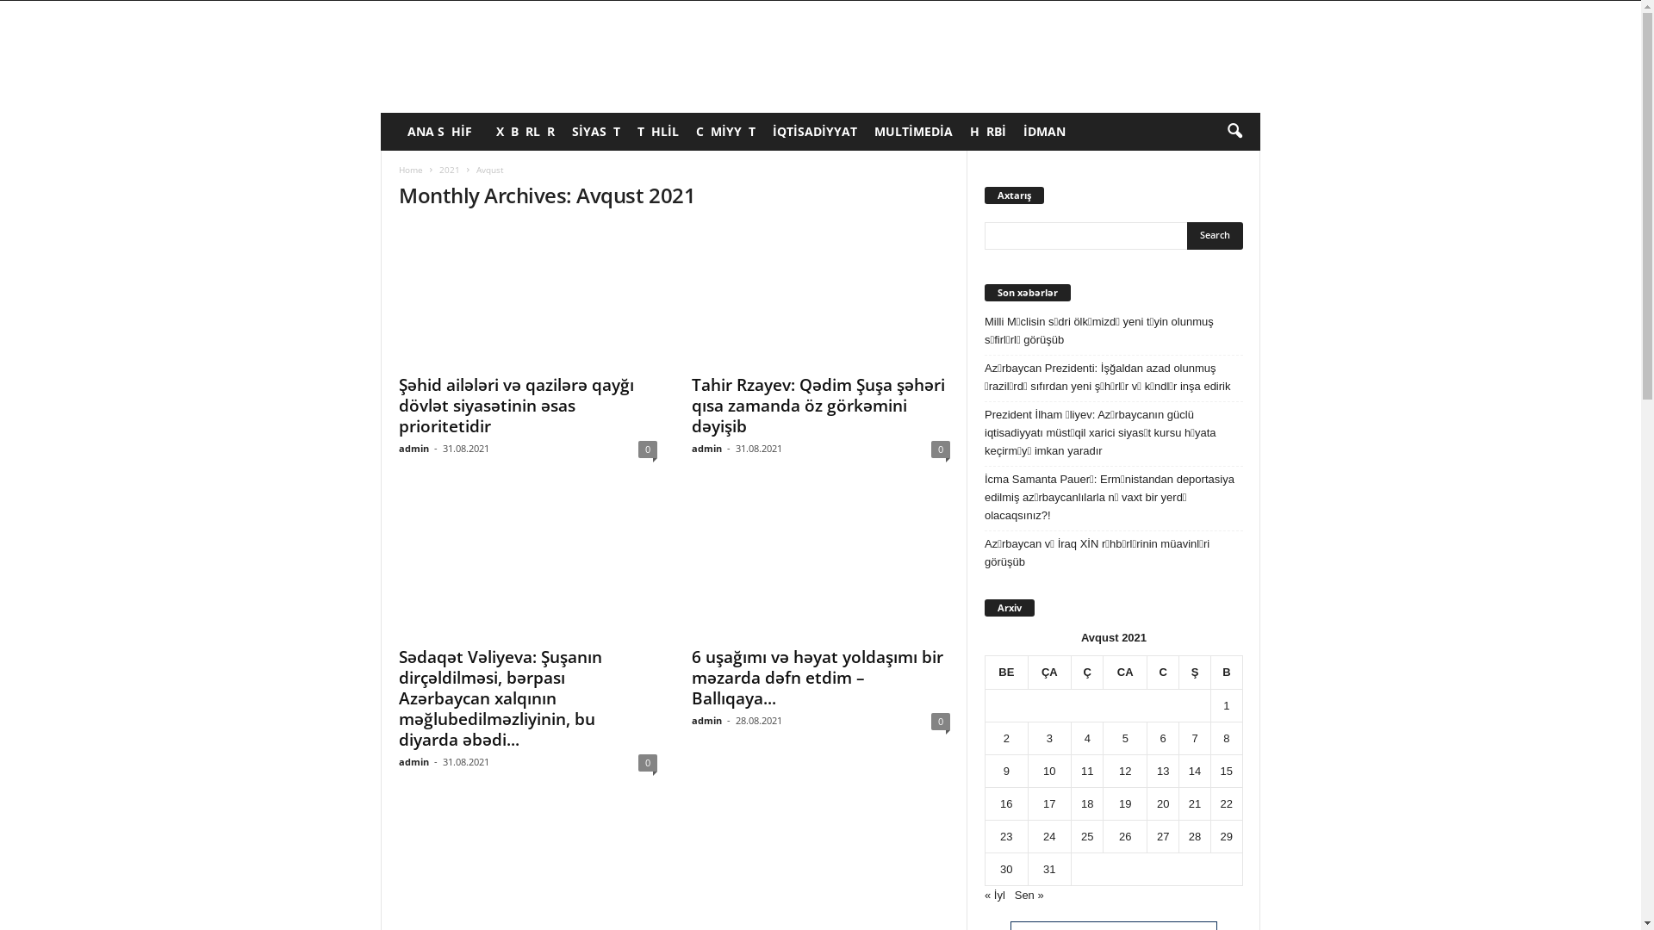 The image size is (1654, 930). Describe the element at coordinates (1125, 737) in the screenshot. I see `'5'` at that location.